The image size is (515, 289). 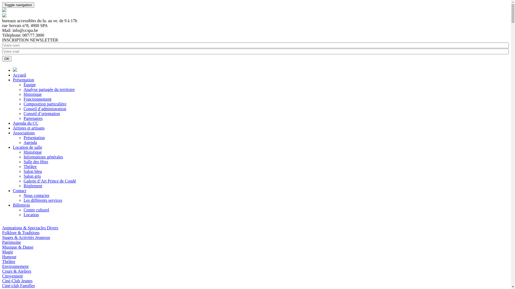 I want to click on 'Folklore & Traditions', so click(x=21, y=232).